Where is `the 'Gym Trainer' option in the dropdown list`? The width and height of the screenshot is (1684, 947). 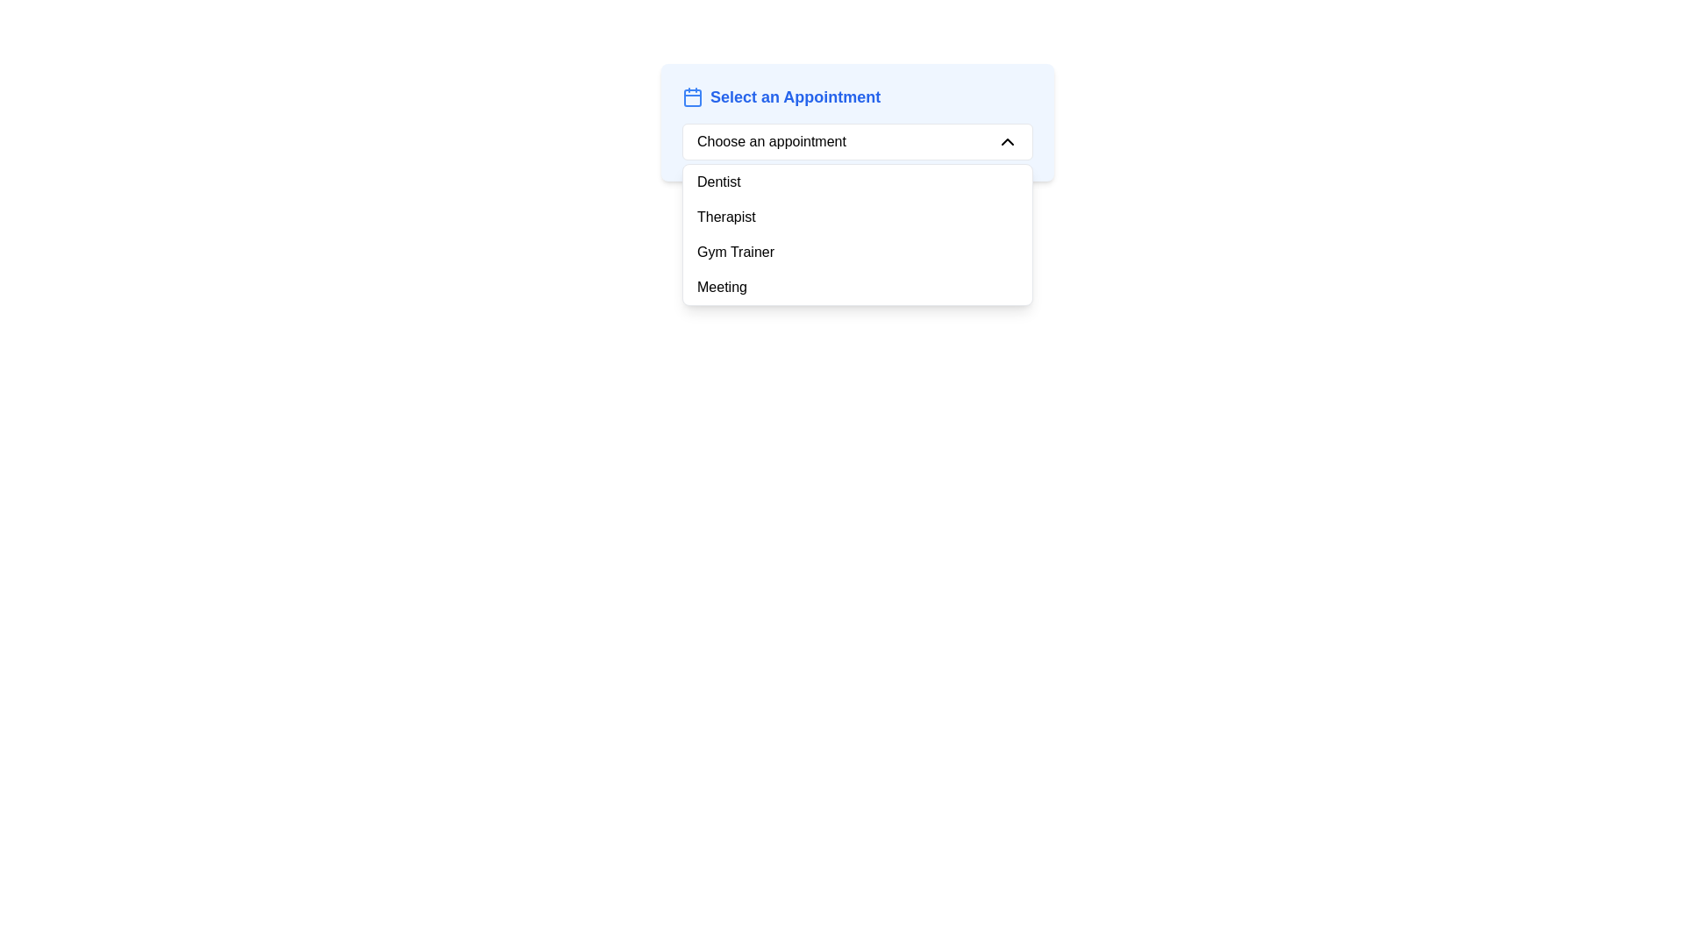 the 'Gym Trainer' option in the dropdown list is located at coordinates (858, 253).